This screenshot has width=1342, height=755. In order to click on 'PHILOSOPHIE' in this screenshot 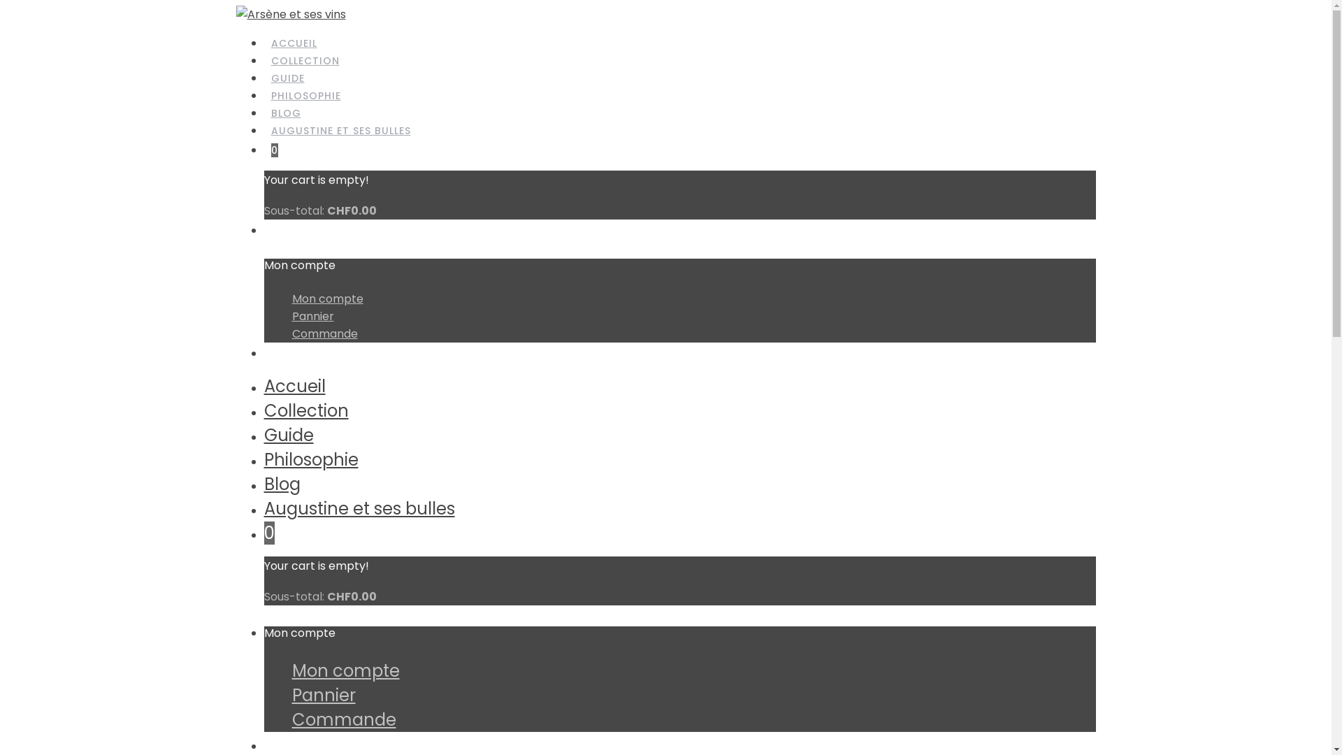, I will do `click(305, 96)`.